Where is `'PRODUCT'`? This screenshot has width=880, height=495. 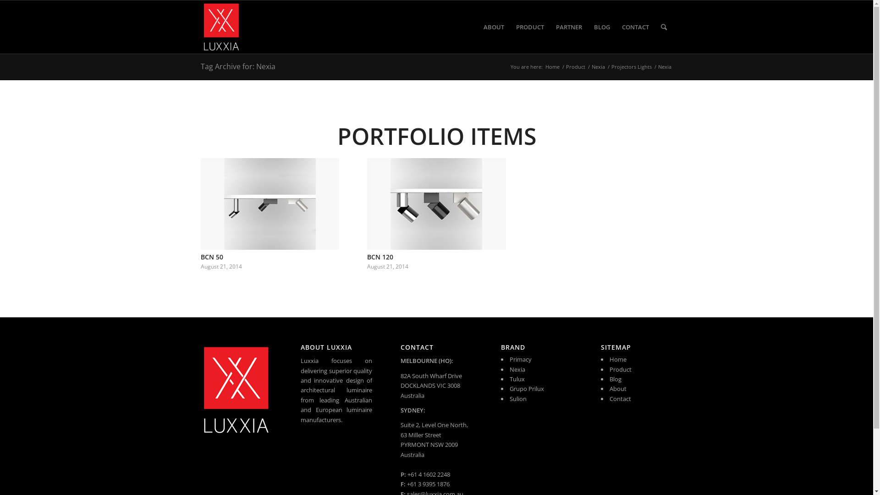 'PRODUCT' is located at coordinates (529, 26).